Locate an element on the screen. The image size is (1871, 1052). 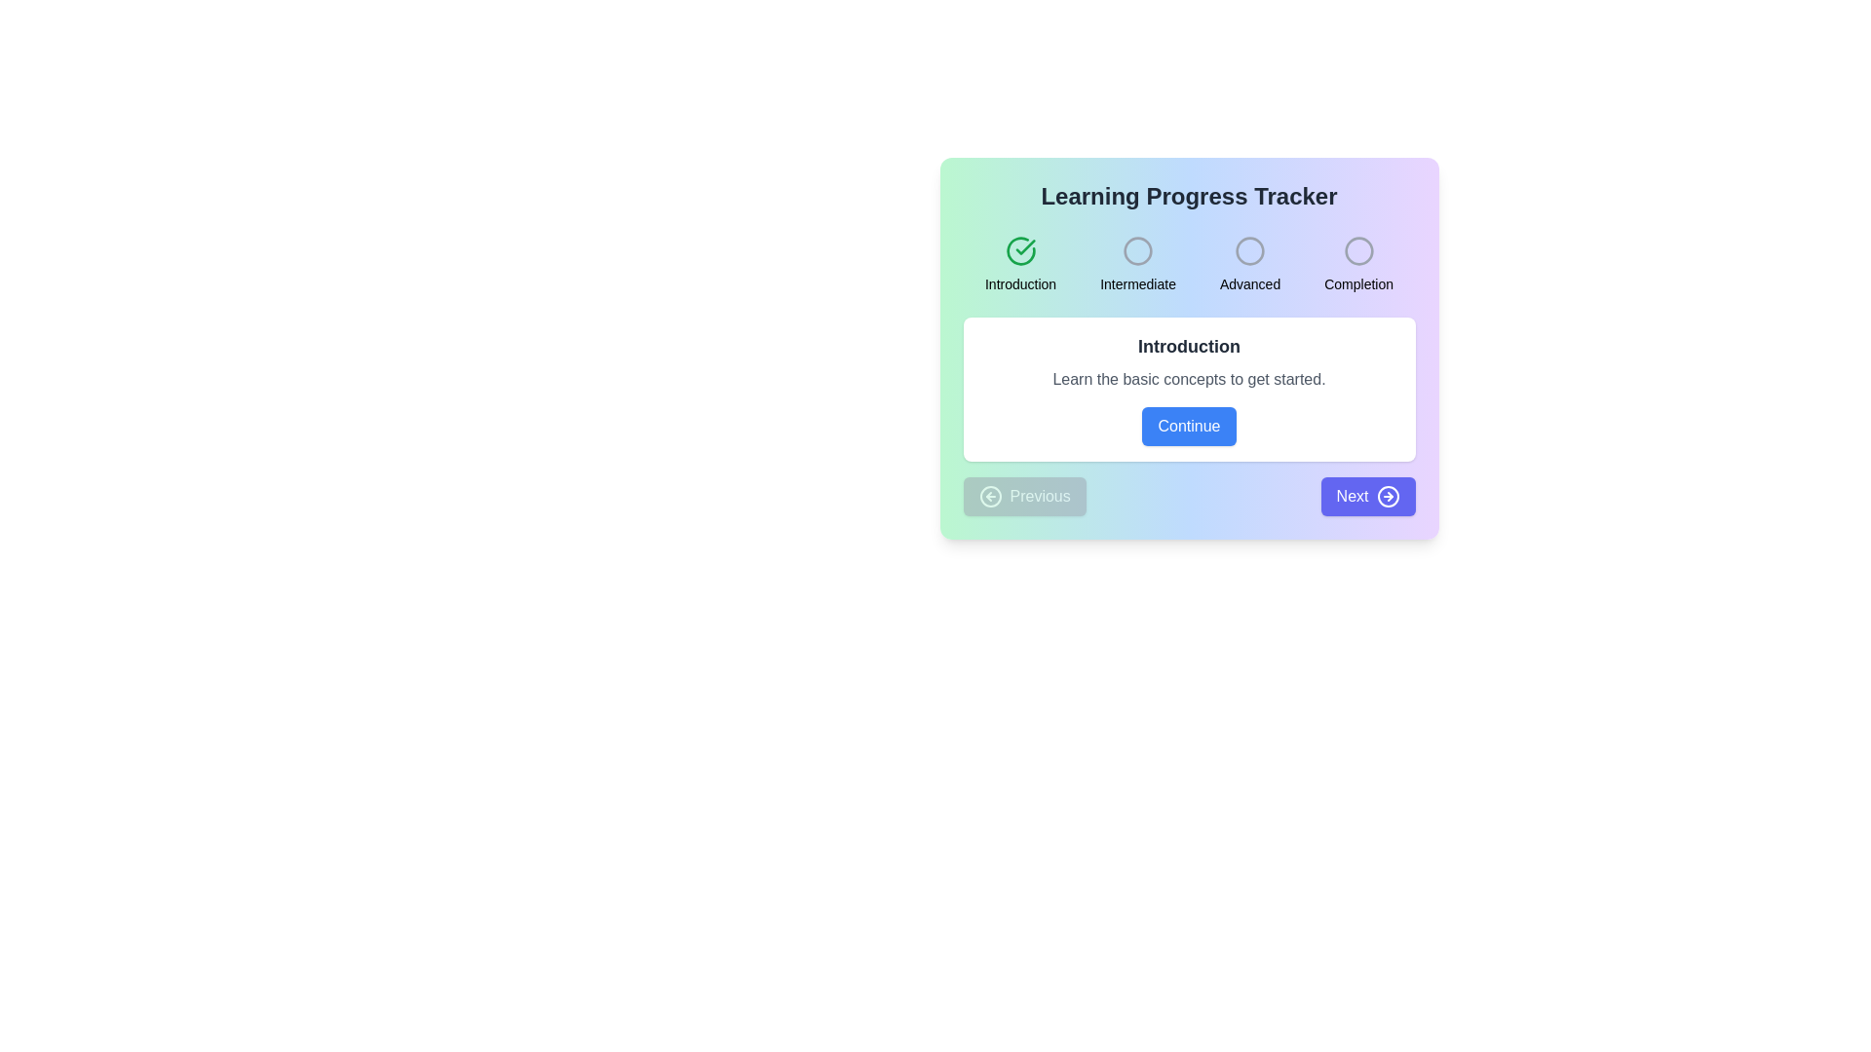
the graphical indicator labeled 'Introduction', which features a green checkmark icon and is positioned at the upper-left of a grouped interface, to read the label and identify the stage is located at coordinates (1019, 265).